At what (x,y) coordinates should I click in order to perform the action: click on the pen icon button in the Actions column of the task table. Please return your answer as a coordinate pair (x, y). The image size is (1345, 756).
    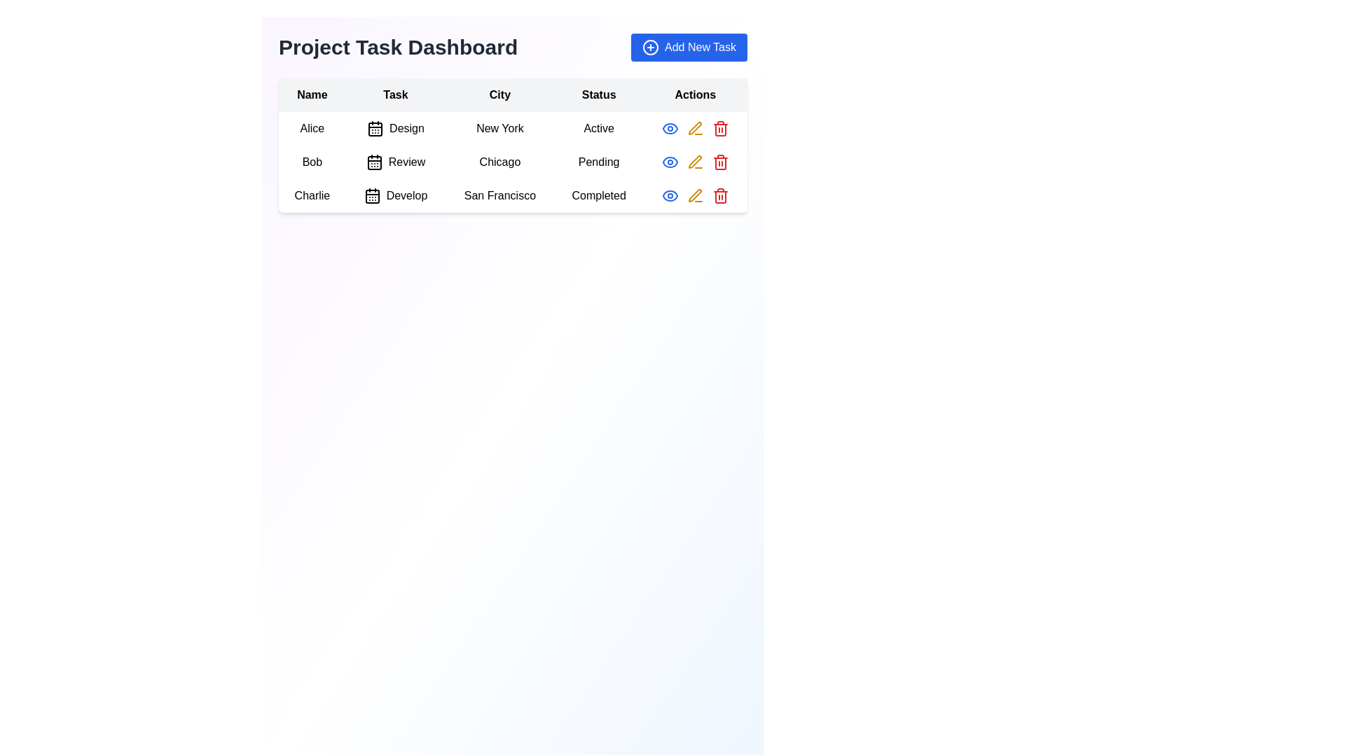
    Looking at the image, I should click on (695, 128).